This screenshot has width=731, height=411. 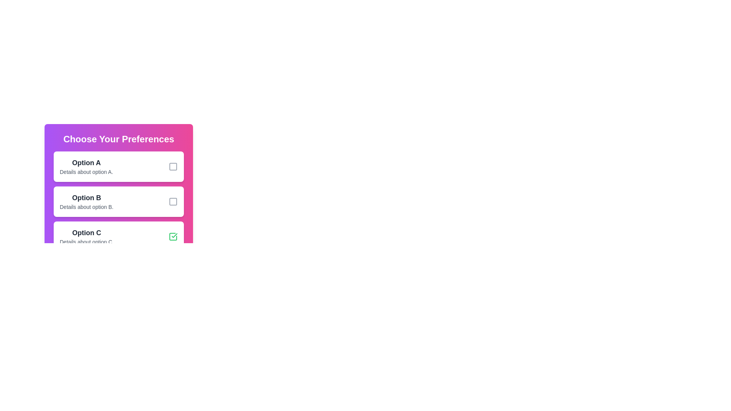 I want to click on the Text Label that reads 'Option B', which is styled in a larger, bold font and positioned at the top of its section, distinct from the descriptive text below it, so click(x=86, y=198).